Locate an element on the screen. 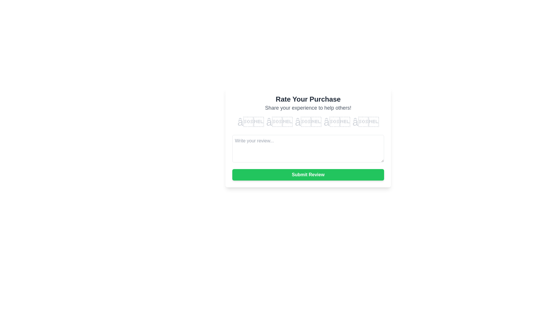  the rating to 4 stars by clicking on the corresponding star is located at coordinates (337, 122).